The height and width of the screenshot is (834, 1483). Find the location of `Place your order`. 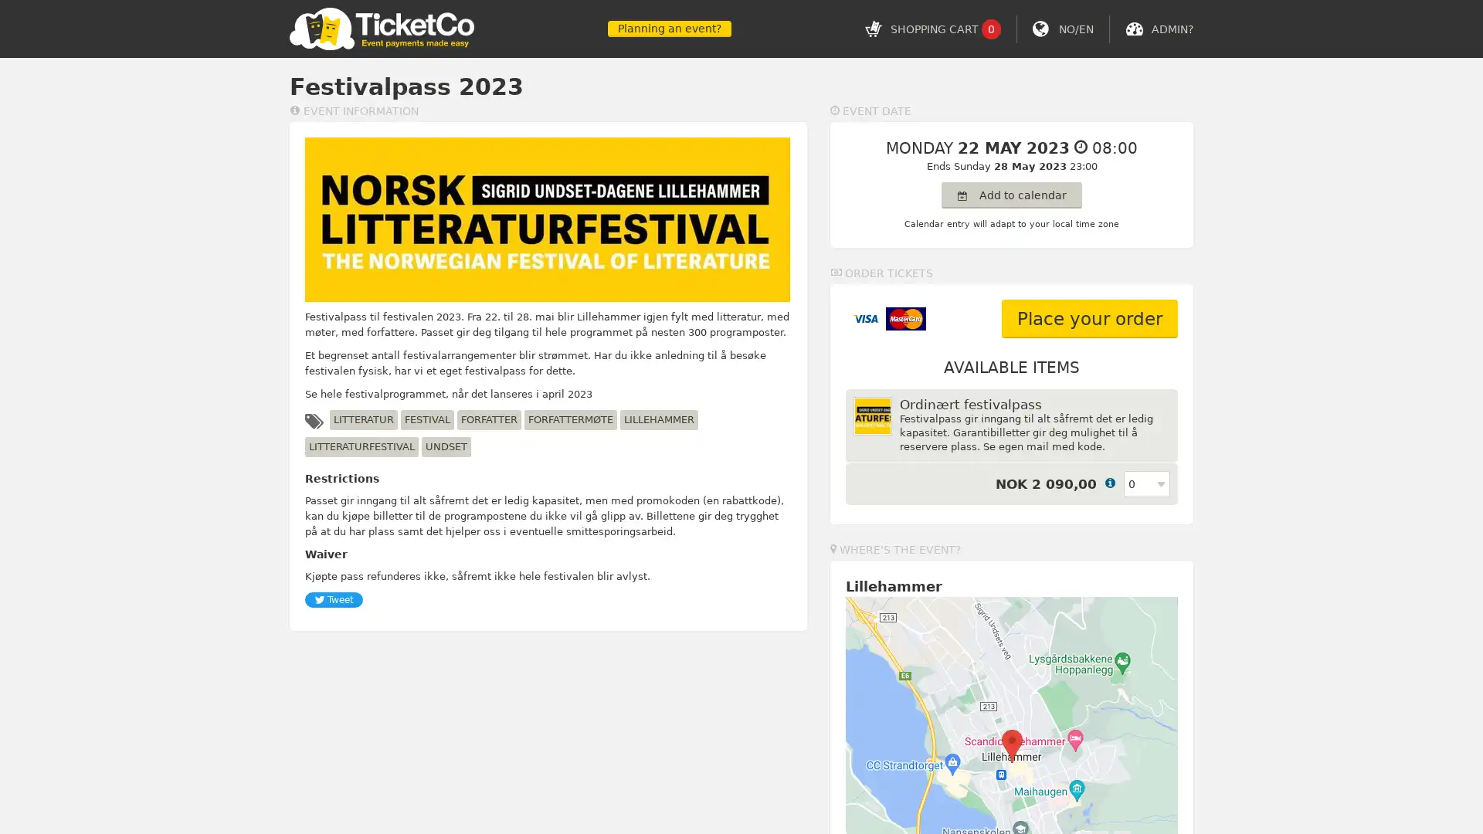

Place your order is located at coordinates (1089, 317).